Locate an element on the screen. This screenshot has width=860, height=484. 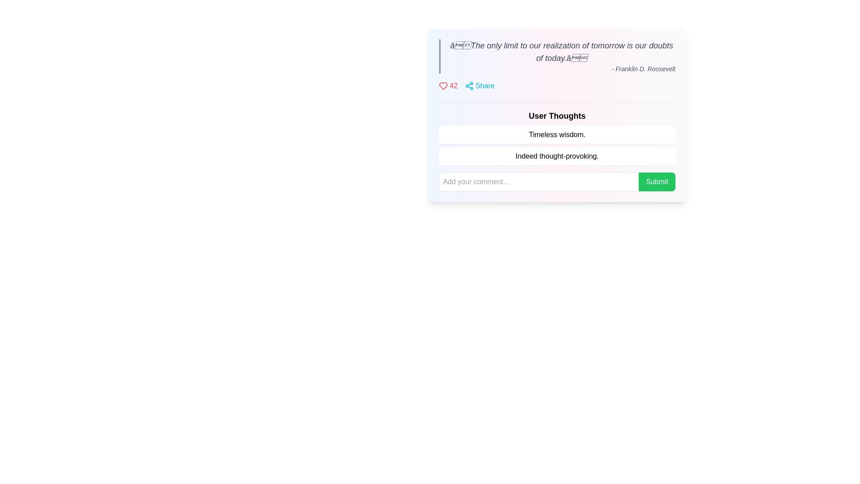
the interactive label or button that combines a heart icon with the number '42' in red text, located to the left of the 'Share' icon is located at coordinates (448, 86).